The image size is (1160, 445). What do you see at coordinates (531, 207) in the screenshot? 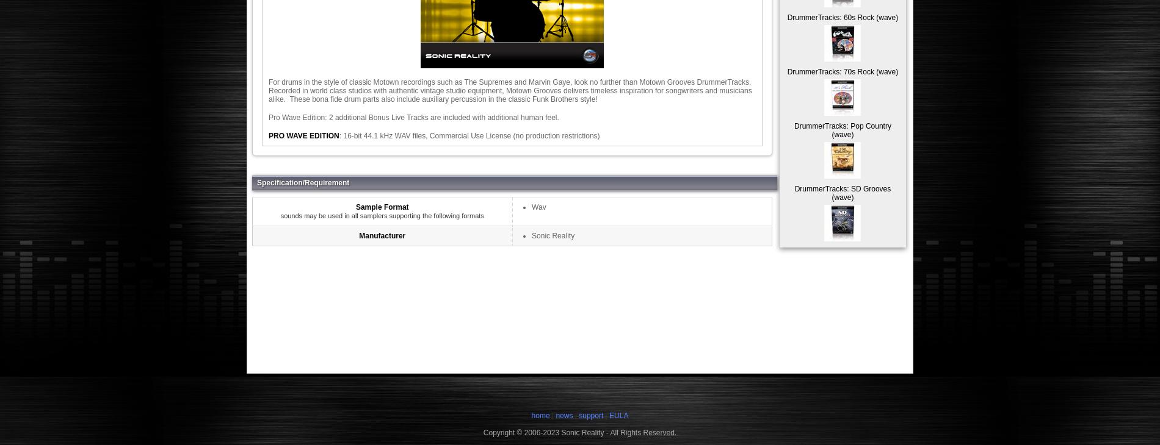
I see `'Wav'` at bounding box center [531, 207].